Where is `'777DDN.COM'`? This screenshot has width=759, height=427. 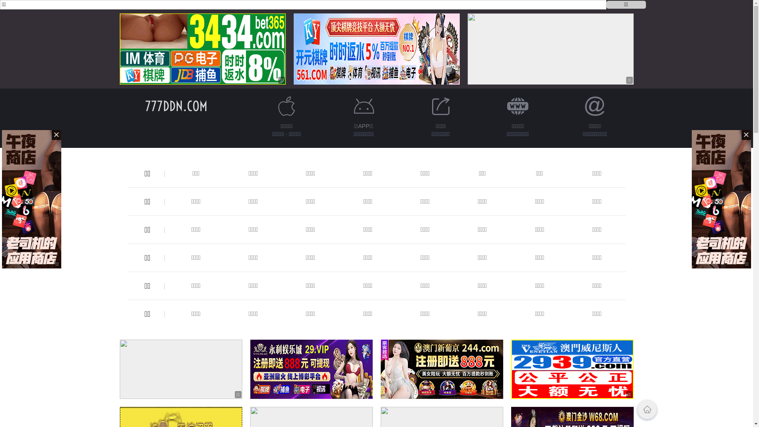
'777DDN.COM' is located at coordinates (176, 106).